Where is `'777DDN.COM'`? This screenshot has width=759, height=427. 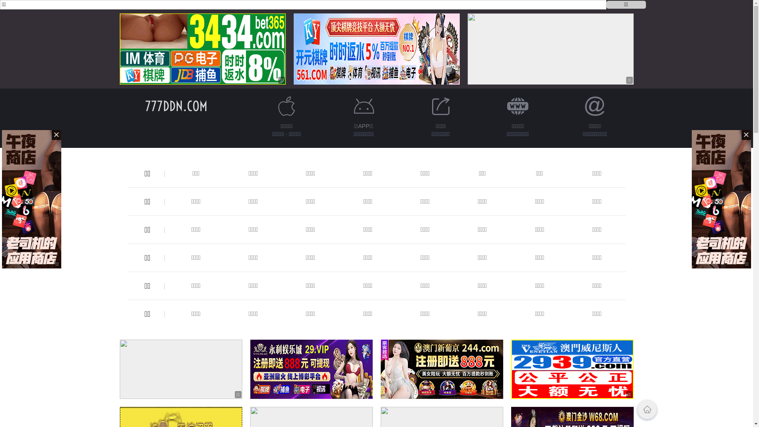
'777DDN.COM' is located at coordinates (176, 106).